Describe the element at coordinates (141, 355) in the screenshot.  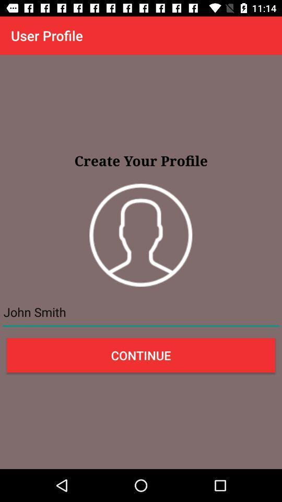
I see `continue icon` at that location.